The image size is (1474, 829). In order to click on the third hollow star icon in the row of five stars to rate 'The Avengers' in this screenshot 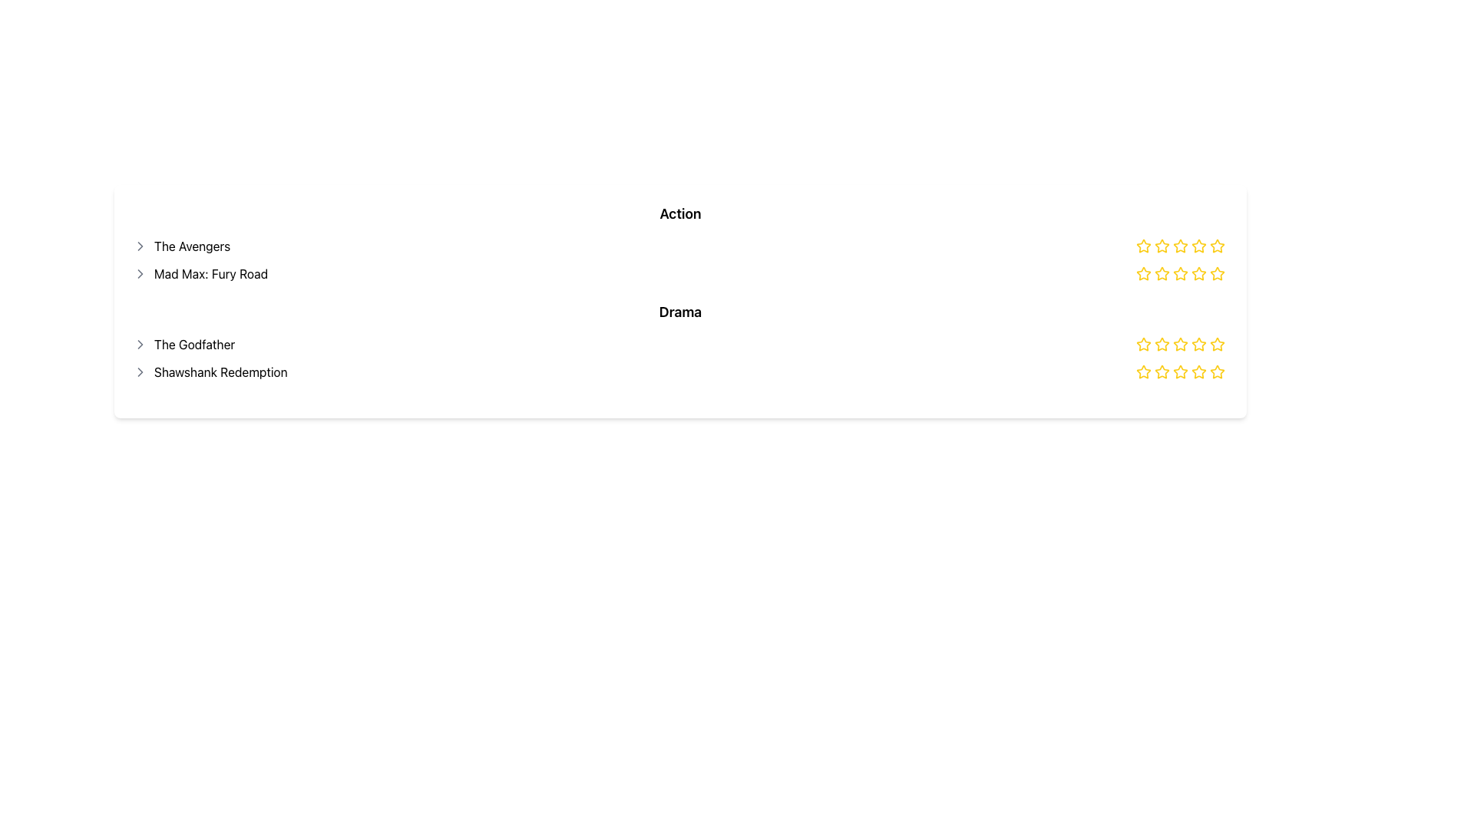, I will do `click(1182, 245)`.